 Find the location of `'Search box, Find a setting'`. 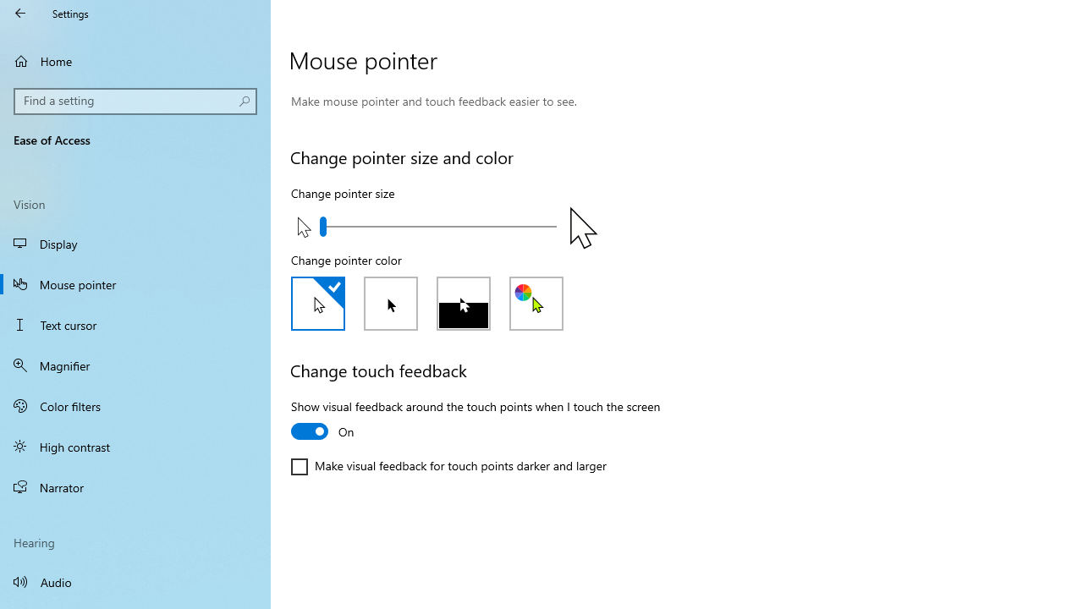

'Search box, Find a setting' is located at coordinates (135, 101).